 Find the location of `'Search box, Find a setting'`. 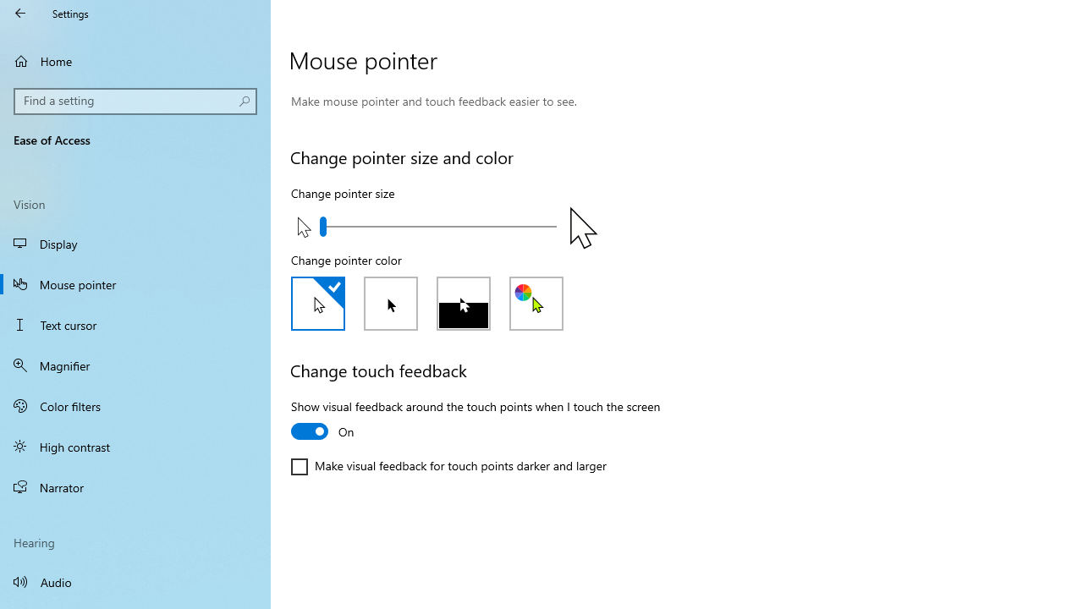

'Search box, Find a setting' is located at coordinates (135, 101).